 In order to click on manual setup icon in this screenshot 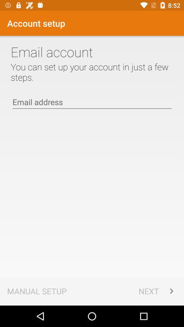, I will do `click(37, 291)`.